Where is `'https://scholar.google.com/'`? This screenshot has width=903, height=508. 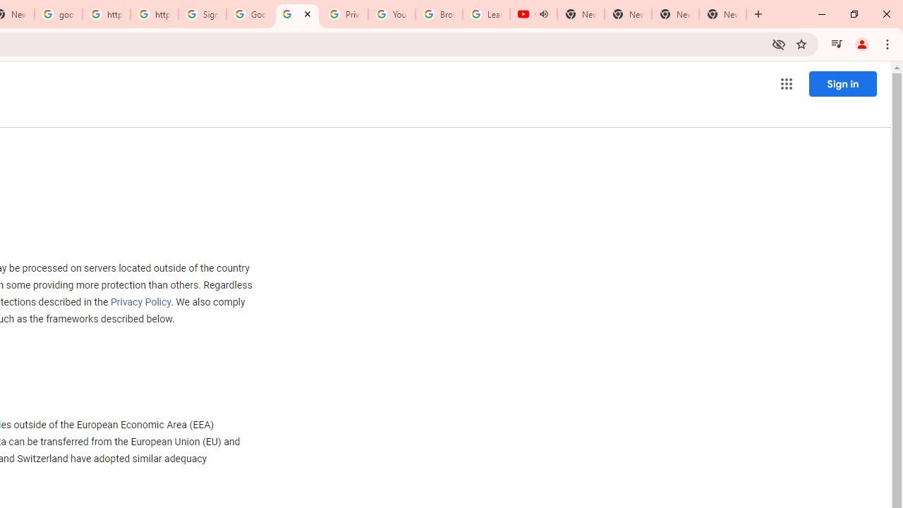
'https://scholar.google.com/' is located at coordinates (106, 14).